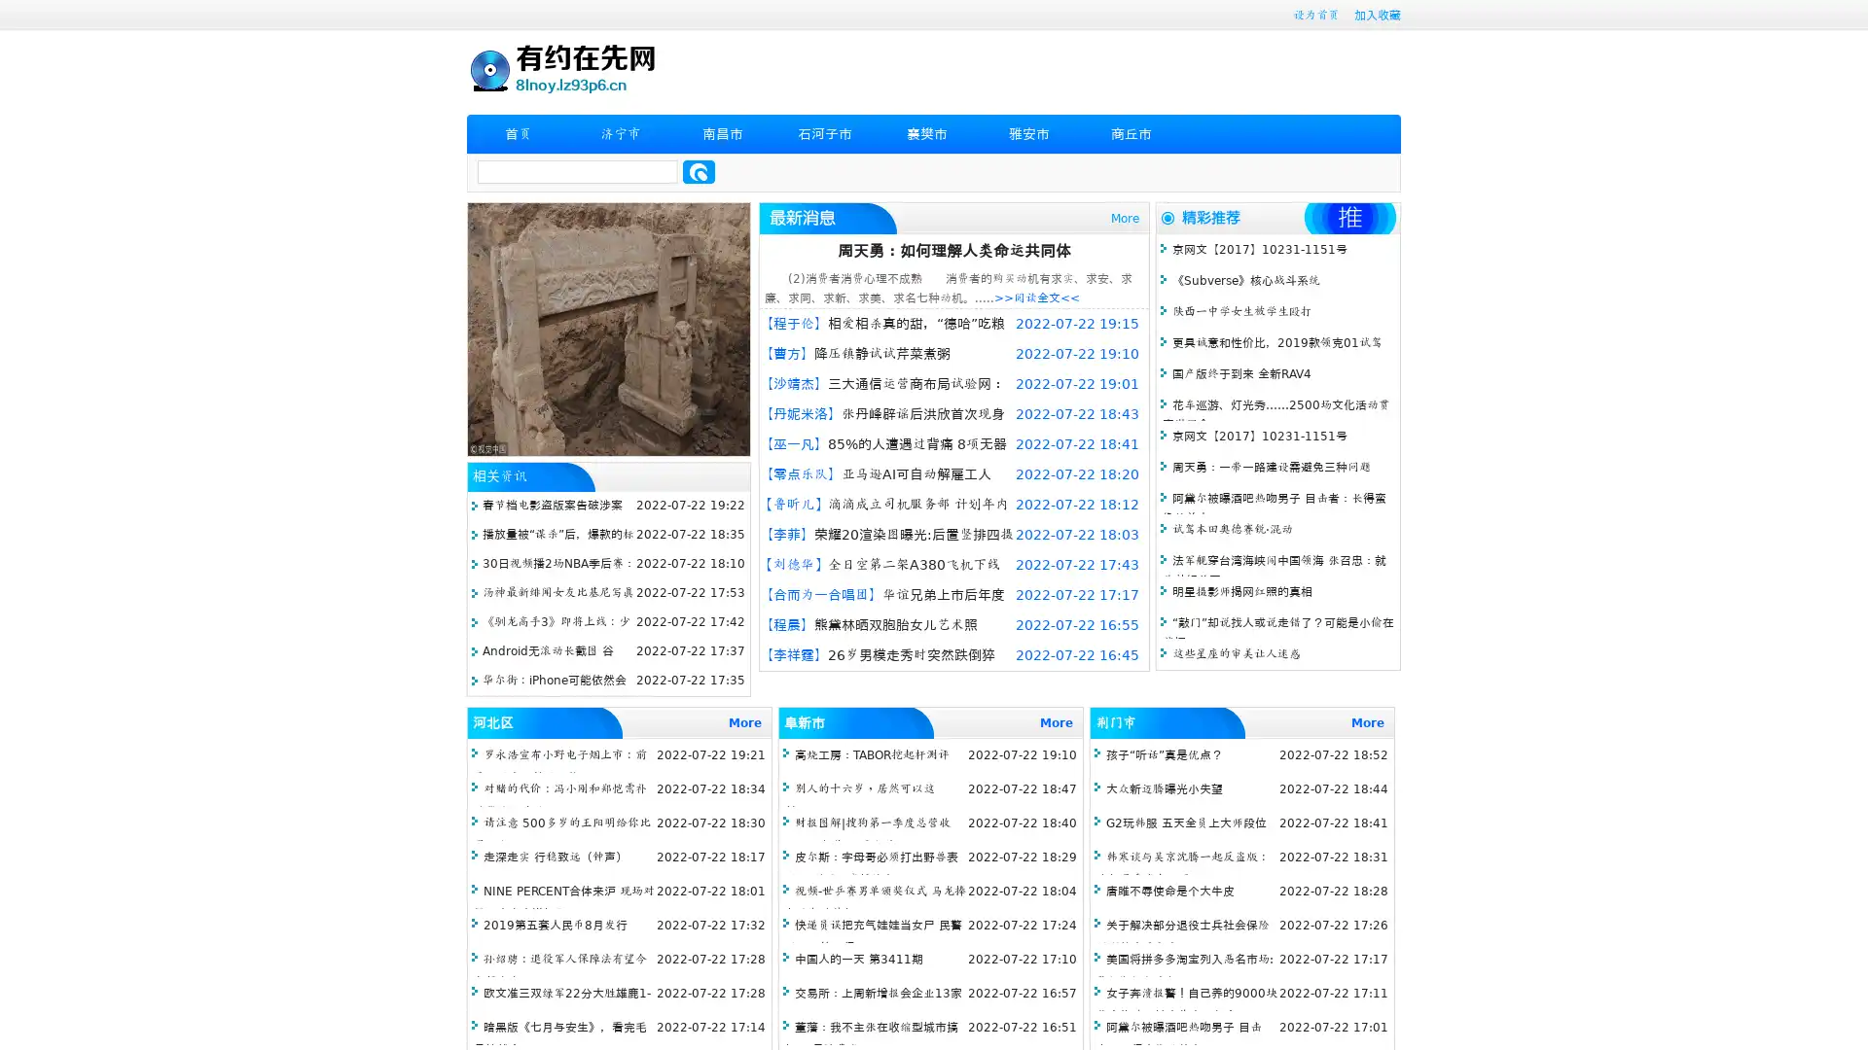 The width and height of the screenshot is (1868, 1050). What do you see at coordinates (699, 171) in the screenshot?
I see `Search` at bounding box center [699, 171].